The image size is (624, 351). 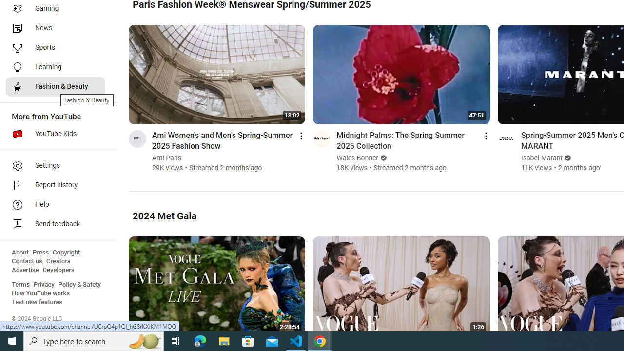 What do you see at coordinates (55, 47) in the screenshot?
I see `'Sports'` at bounding box center [55, 47].